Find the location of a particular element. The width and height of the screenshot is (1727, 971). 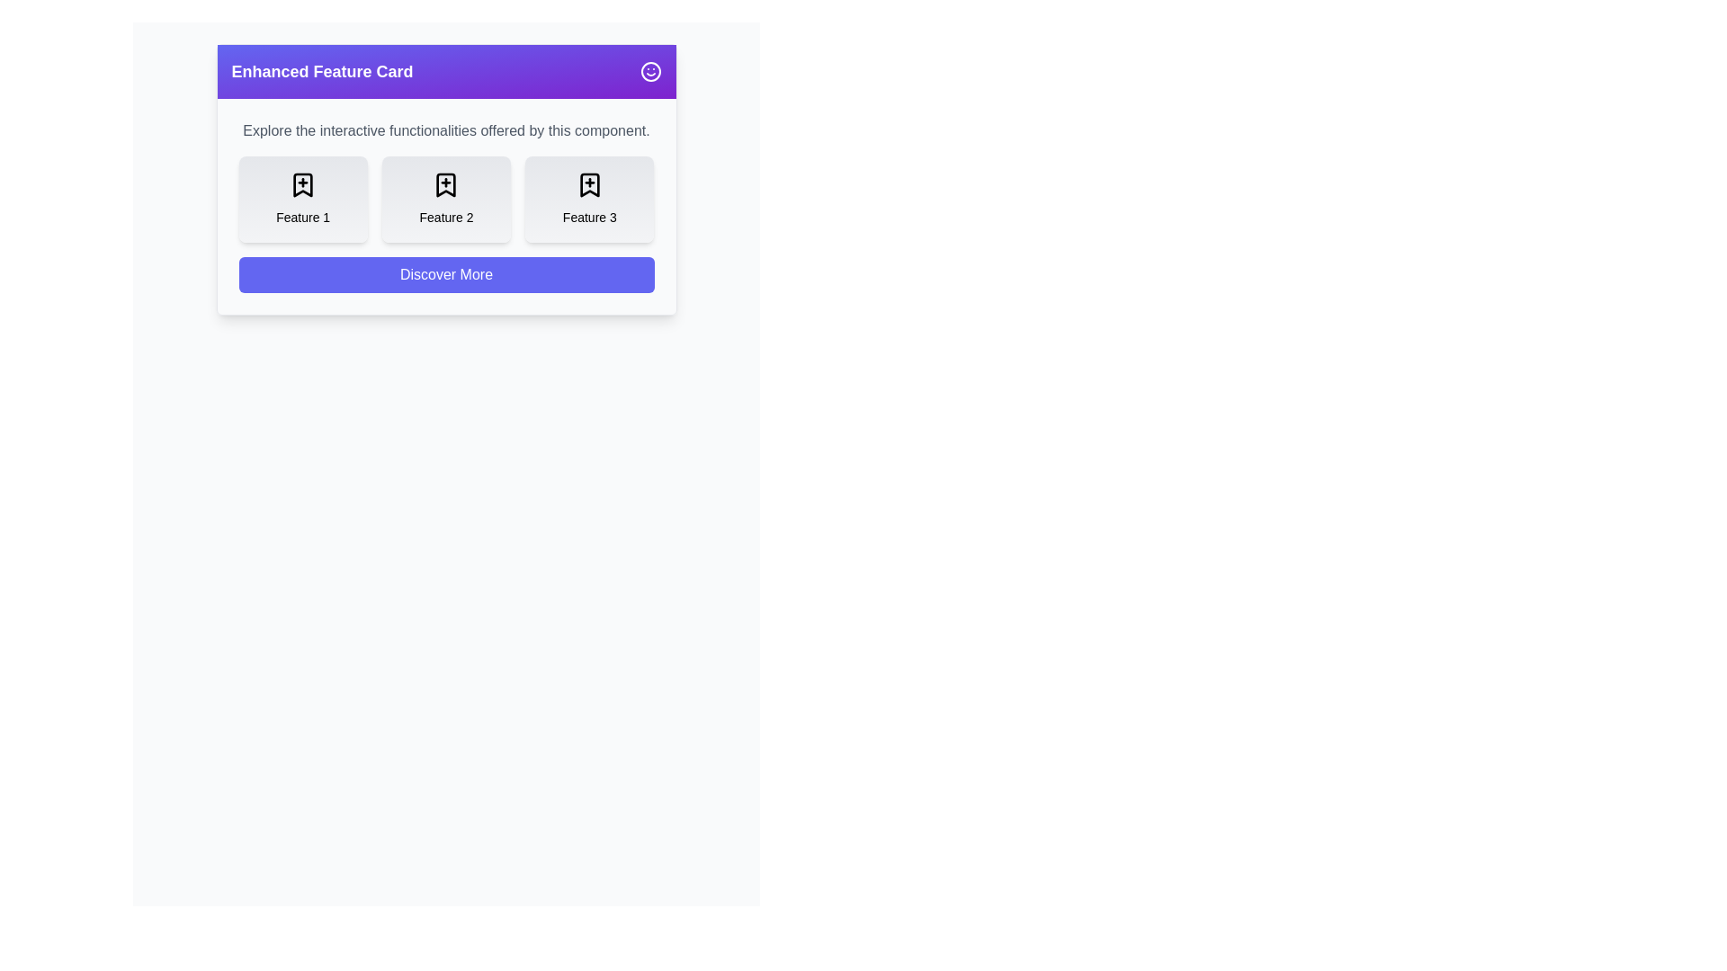

the 'Feature 3' card, which is the rightmost card in a row of three cards, featuring a bookmark icon with a '+' symbol and the text 'Feature 3' below it is located at coordinates (589, 200).